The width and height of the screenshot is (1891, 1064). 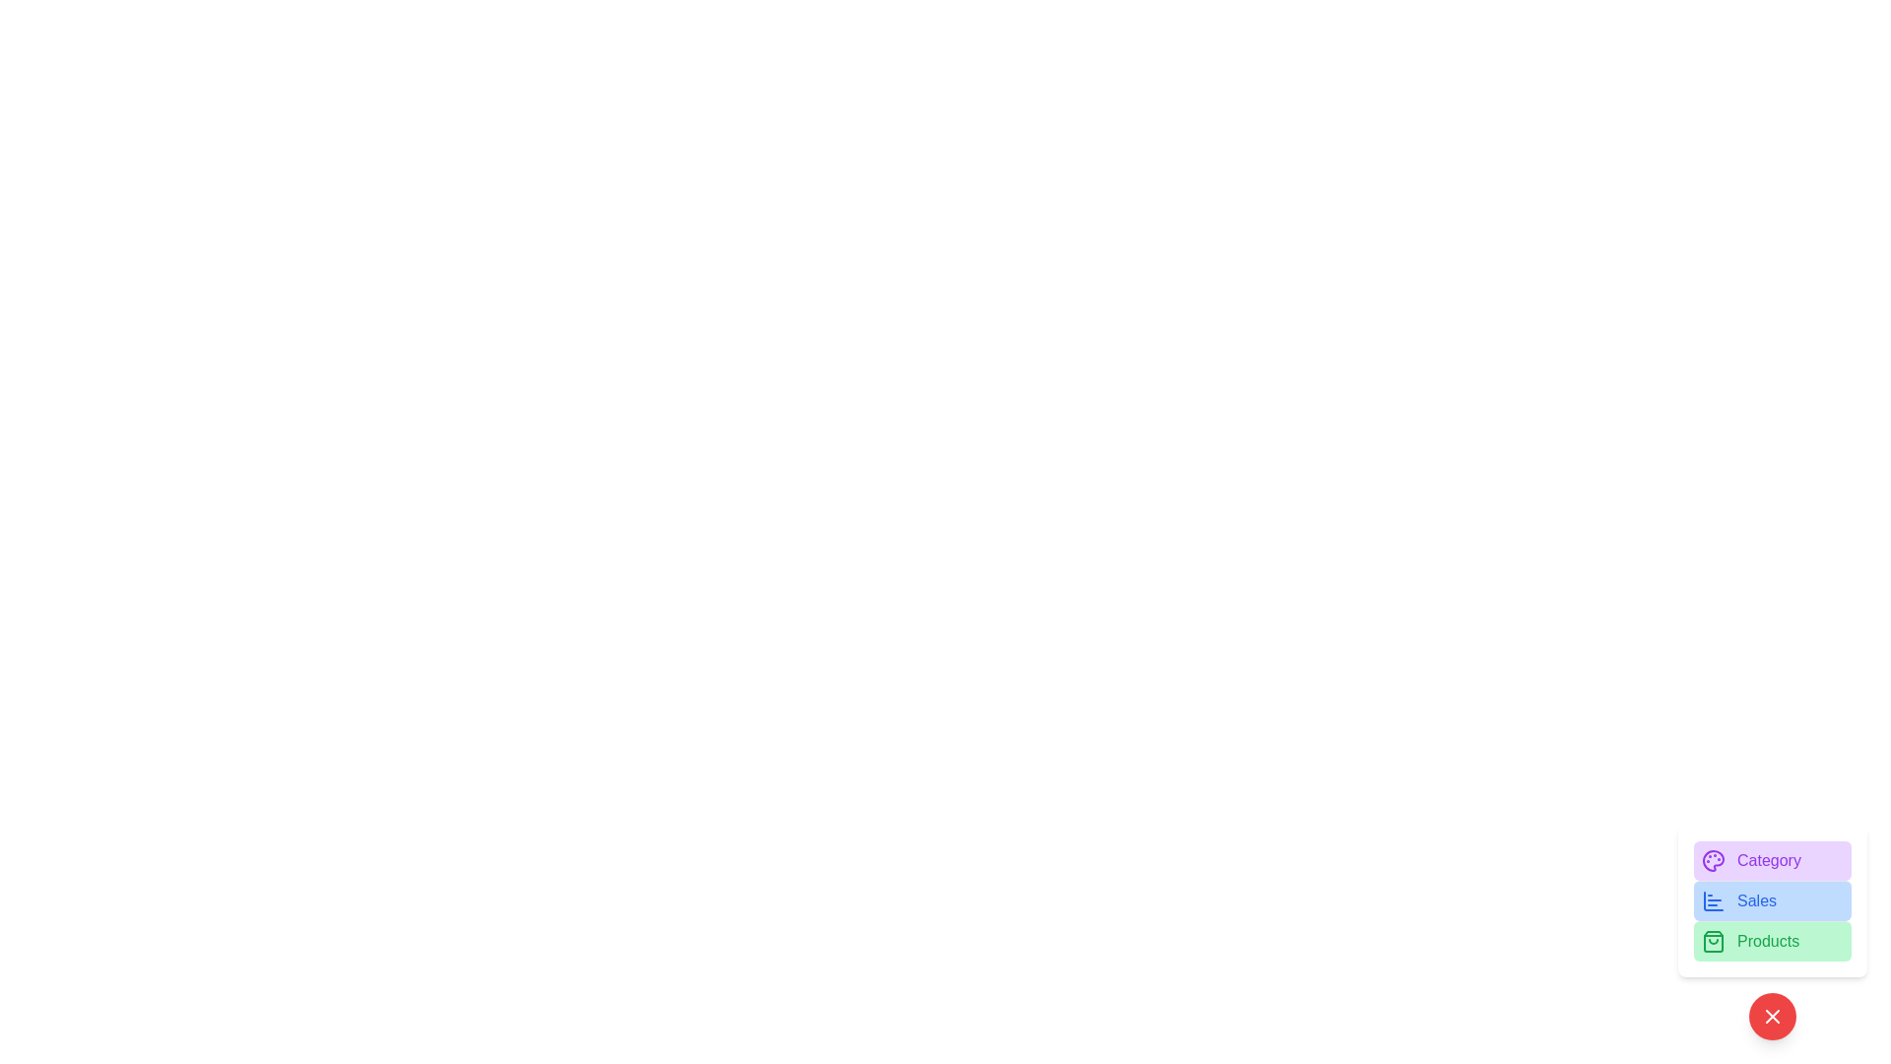 I want to click on the icon of the Sales button to display its tooltip, so click(x=1712, y=900).